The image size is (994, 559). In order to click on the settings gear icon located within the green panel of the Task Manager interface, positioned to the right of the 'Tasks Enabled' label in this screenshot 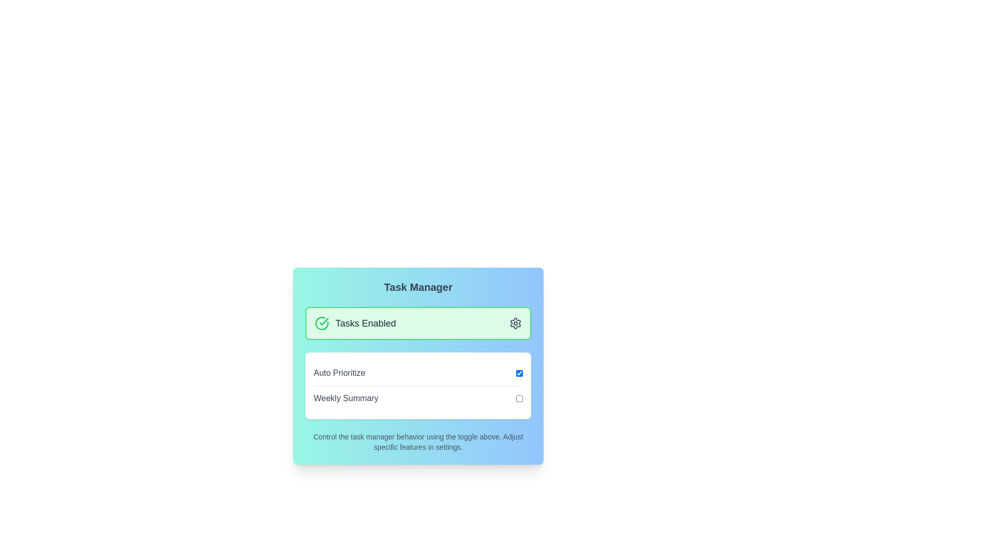, I will do `click(516, 322)`.